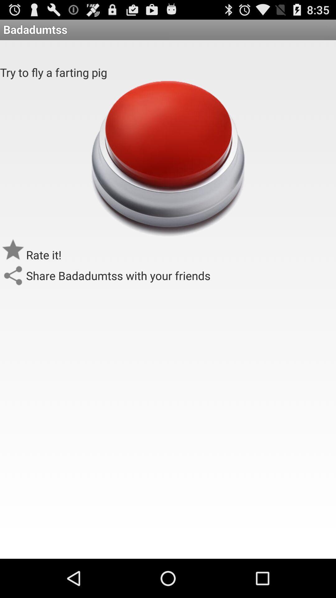 The image size is (336, 598). What do you see at coordinates (44, 255) in the screenshot?
I see `rate it! app` at bounding box center [44, 255].